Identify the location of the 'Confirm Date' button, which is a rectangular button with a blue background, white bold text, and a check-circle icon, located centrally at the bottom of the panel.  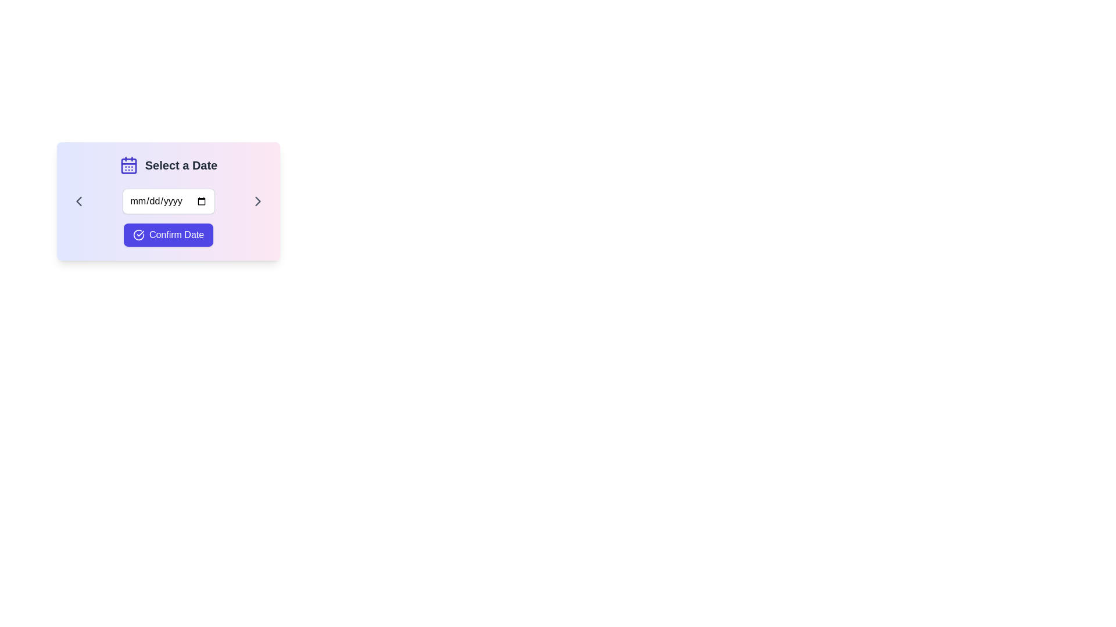
(167, 235).